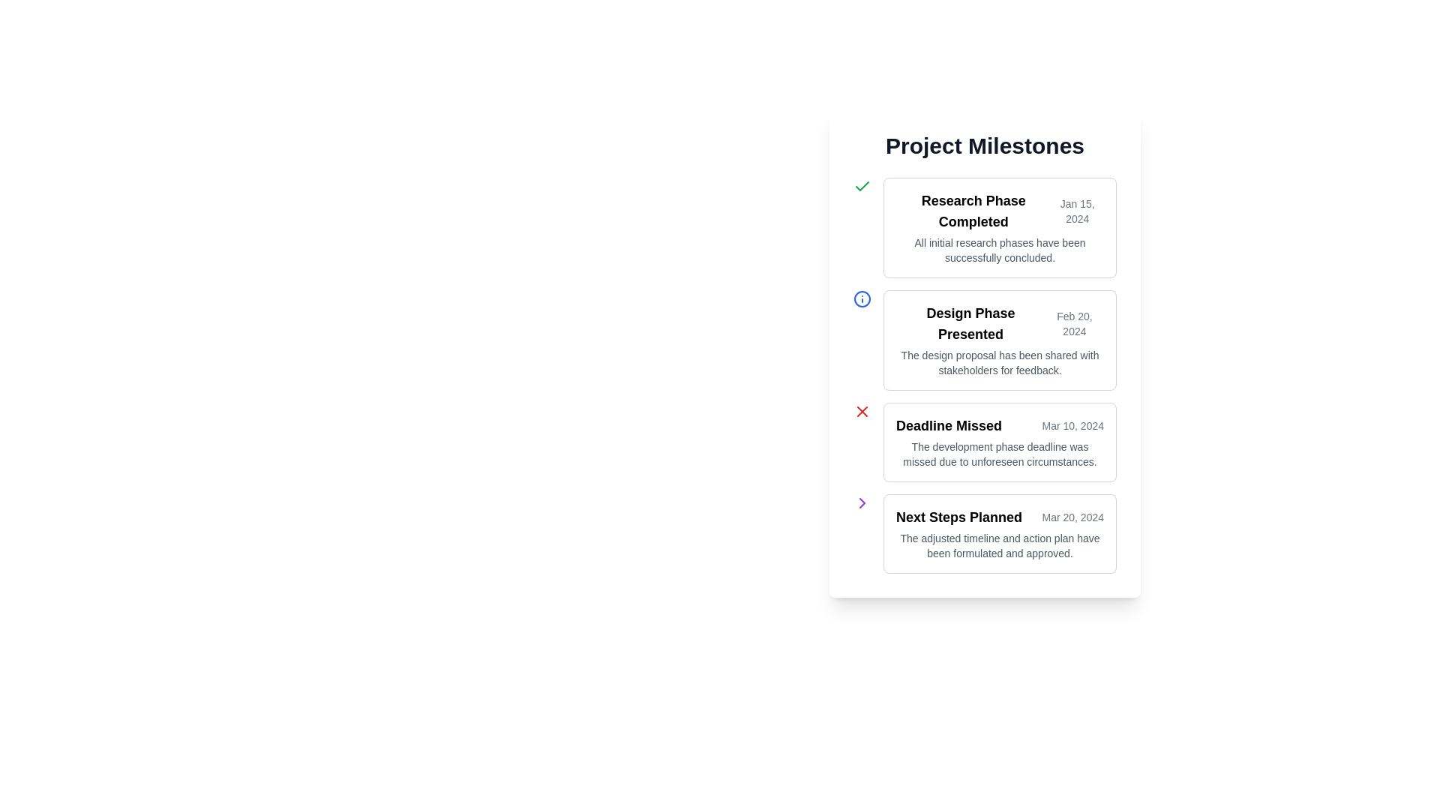 Image resolution: width=1440 pixels, height=810 pixels. I want to click on information displayed in the Card component titled 'Design Phase Presented', which contains the date 'Feb 20, 2024' and the description 'The design proposal has been shared with stakeholders for feedback.', so click(985, 340).